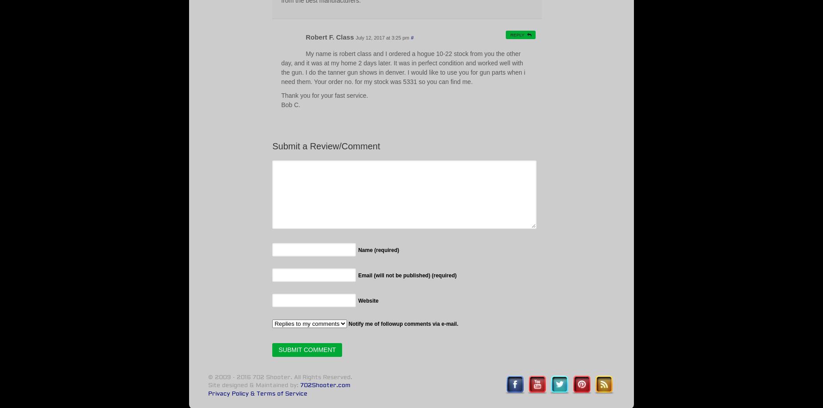  Describe the element at coordinates (257, 393) in the screenshot. I see `'Privacy Policy & Terms of Service'` at that location.